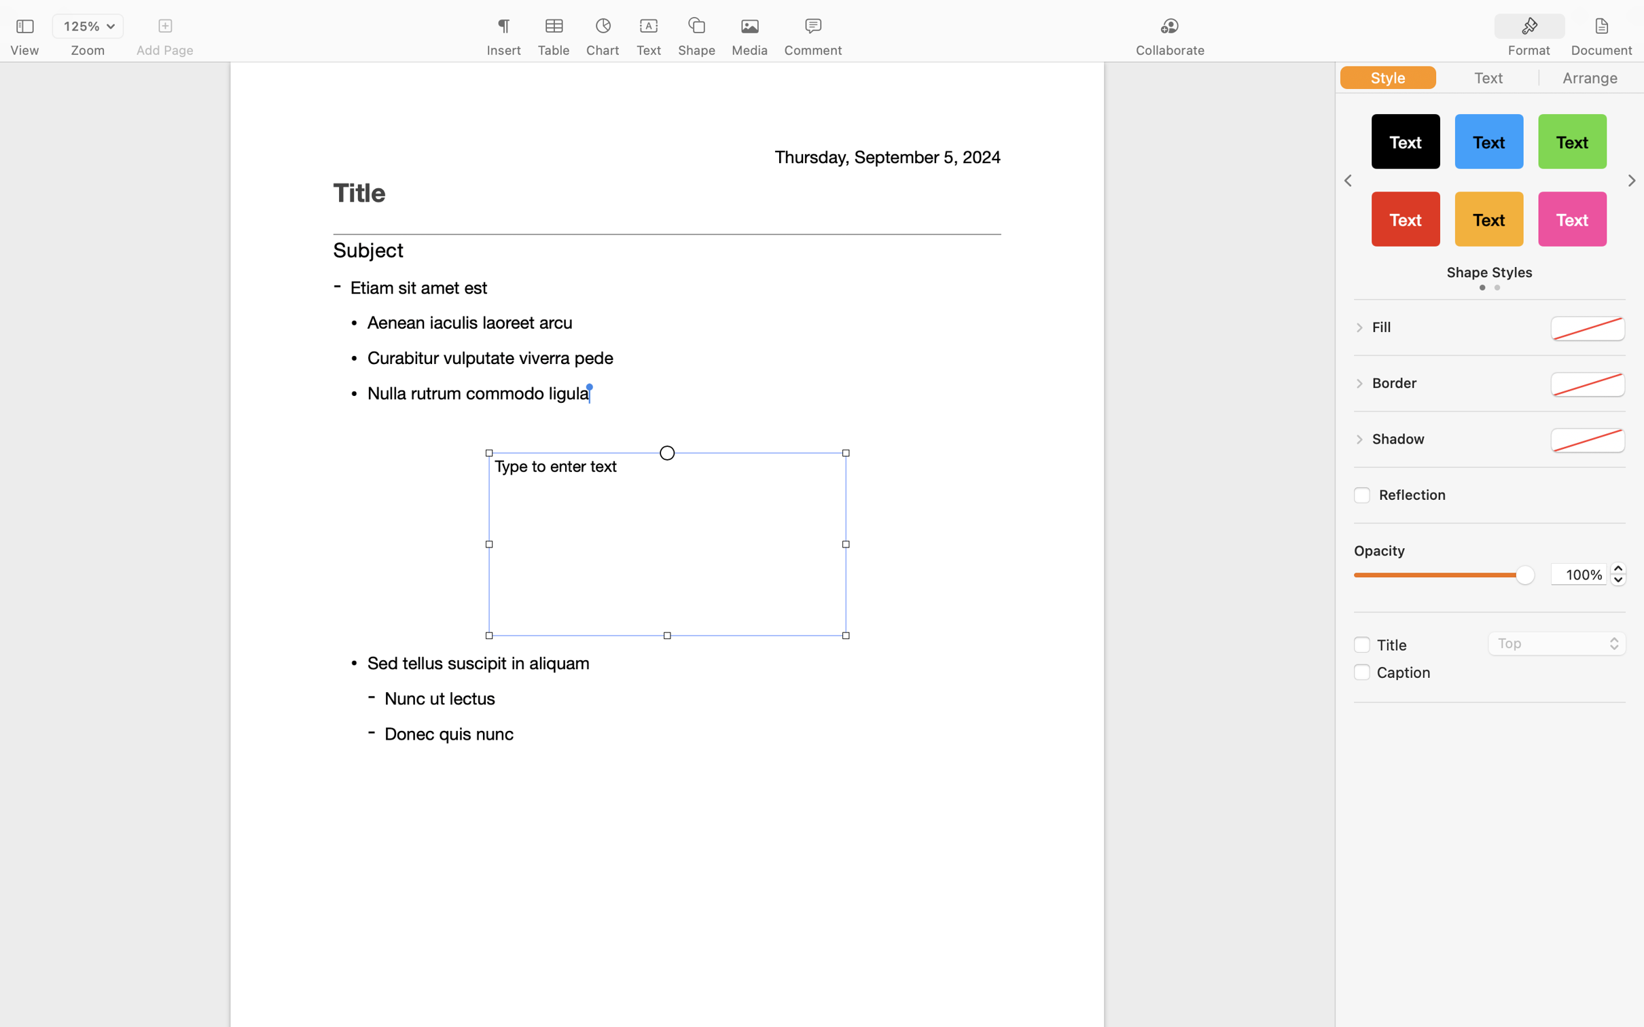 The width and height of the screenshot is (1644, 1027). I want to click on 'Media', so click(749, 50).